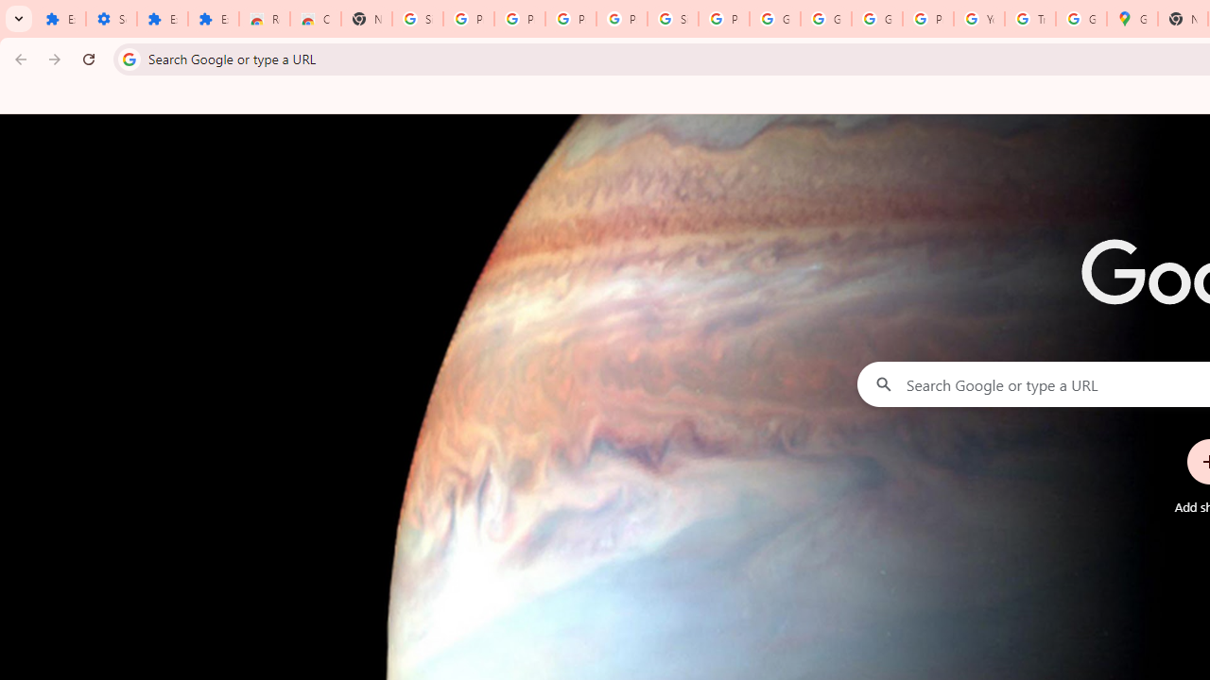 The width and height of the screenshot is (1210, 680). Describe the element at coordinates (366, 19) in the screenshot. I see `'New Tab'` at that location.